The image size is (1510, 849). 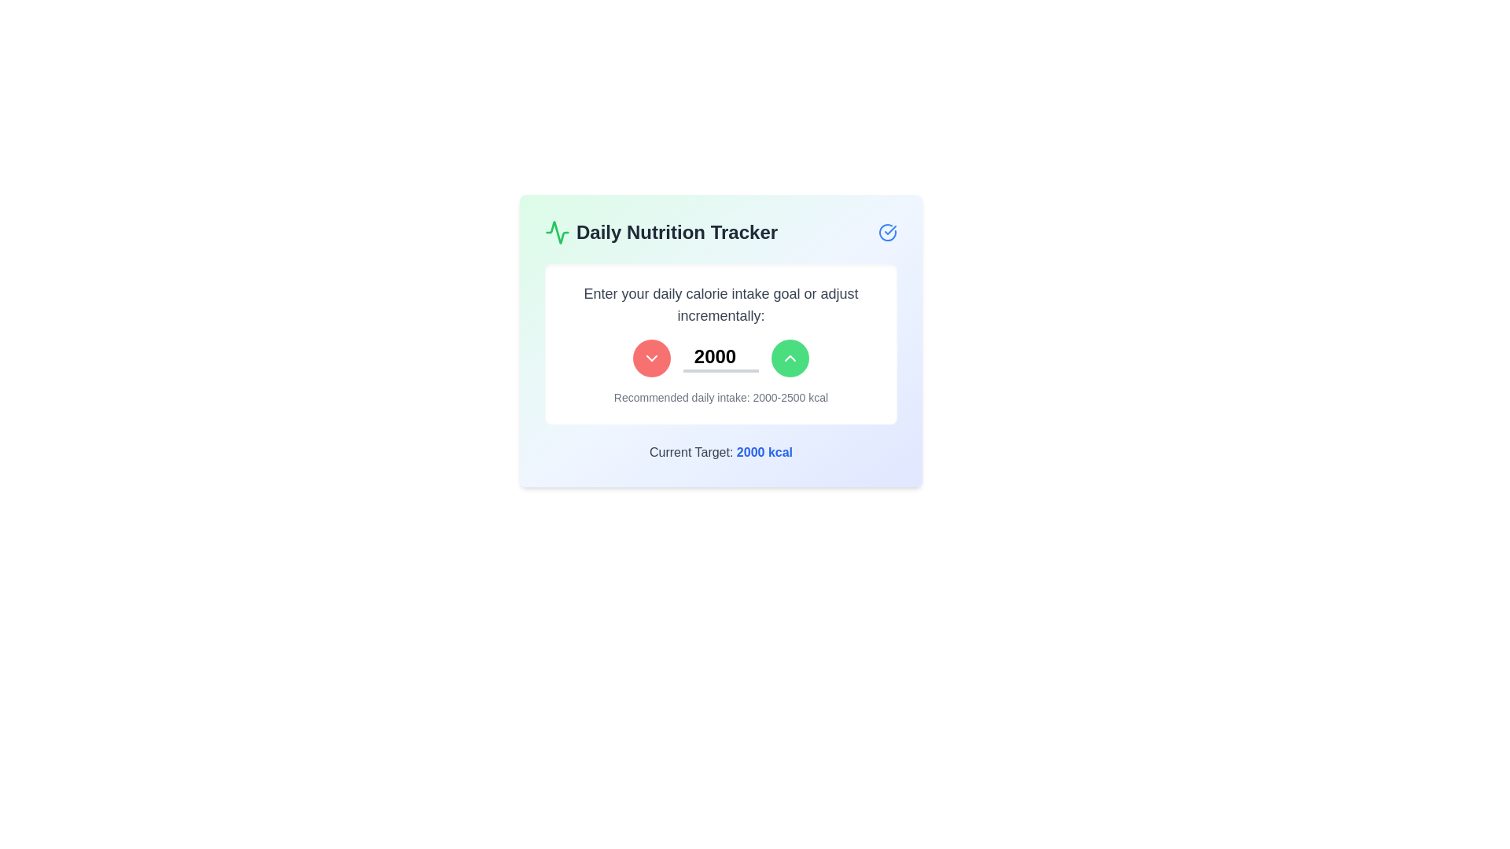 I want to click on the text element displaying 'Recommended daily intake: 2000-2500 kcal', styled in gray, located at the bottom of the calorie tracker UI, so click(x=720, y=396).